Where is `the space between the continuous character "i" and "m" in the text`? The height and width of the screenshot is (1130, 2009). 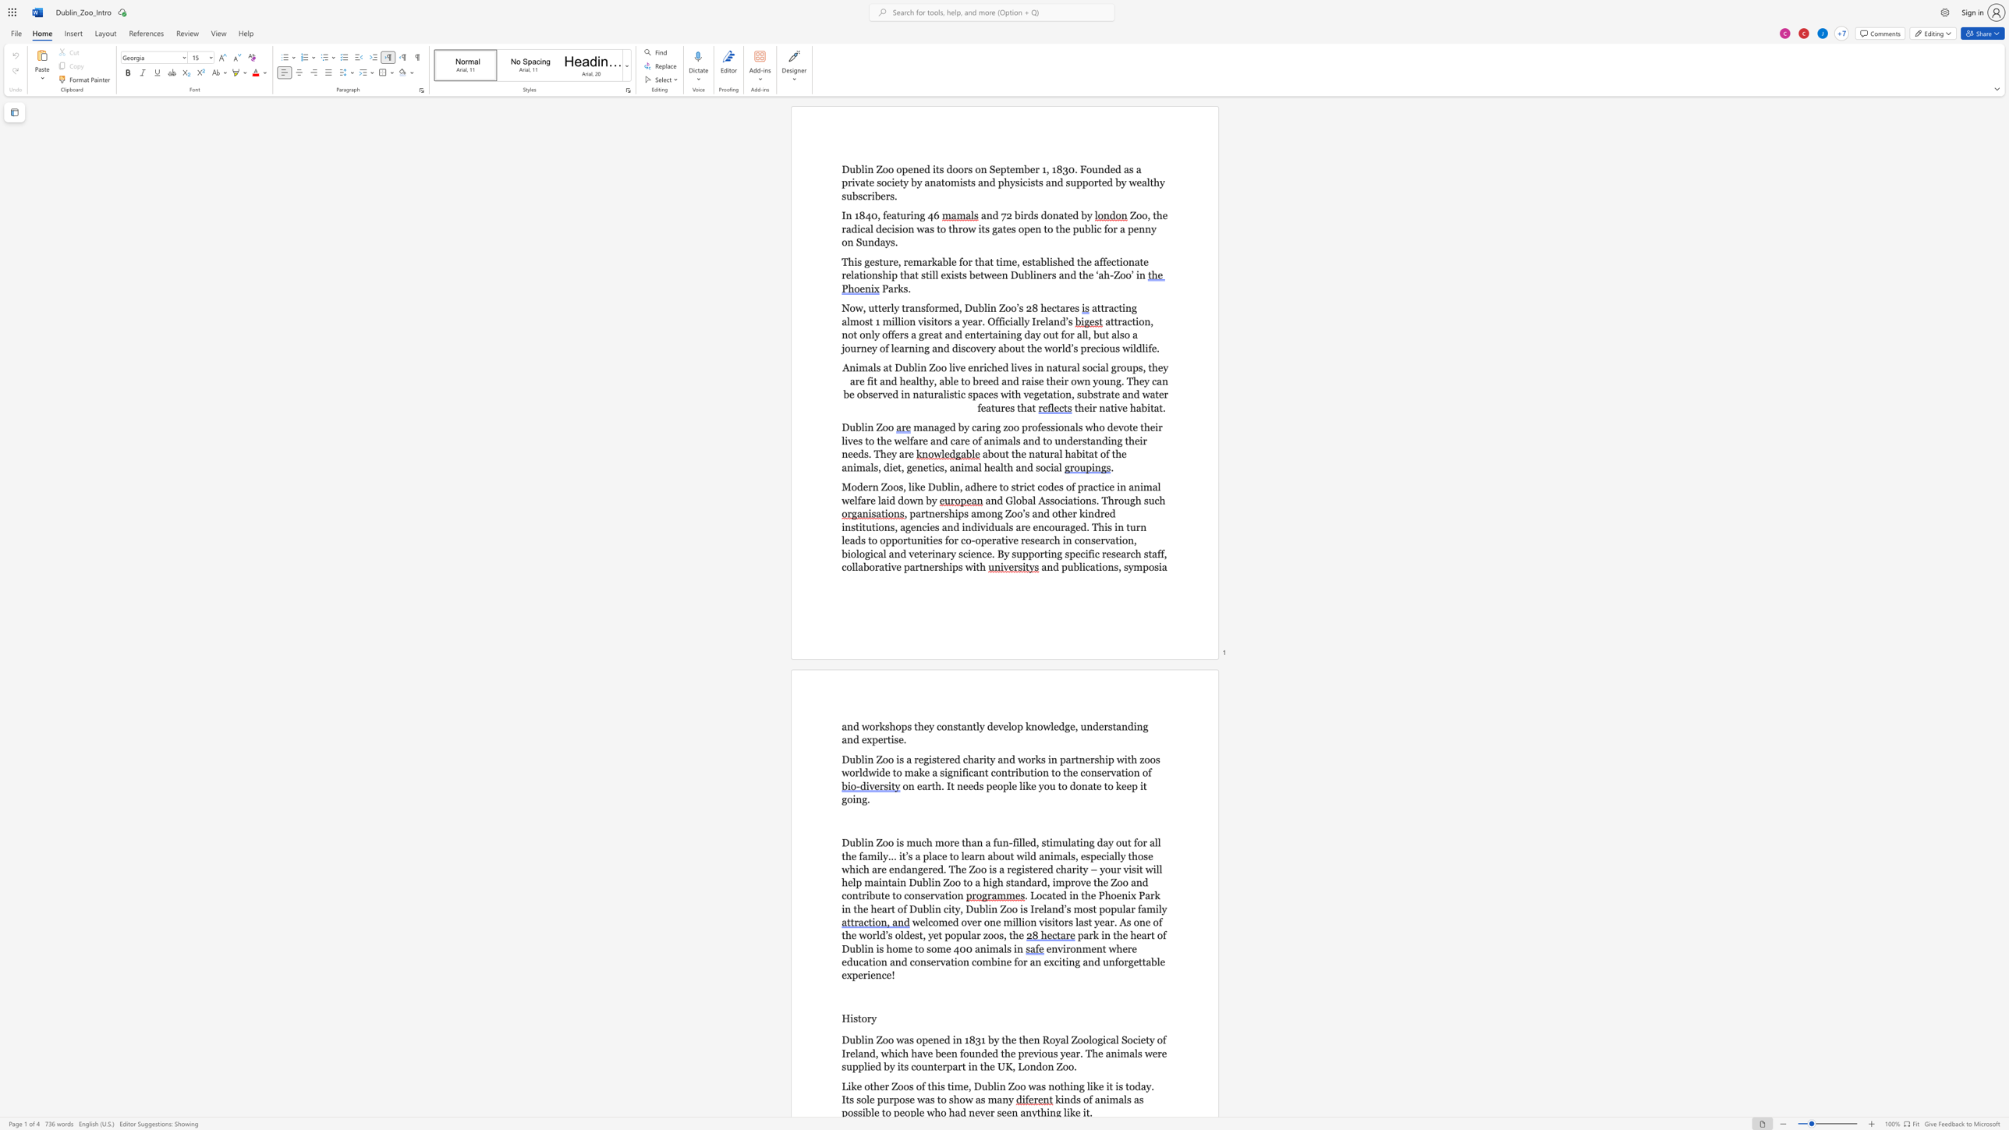 the space between the continuous character "i" and "m" in the text is located at coordinates (1004, 261).